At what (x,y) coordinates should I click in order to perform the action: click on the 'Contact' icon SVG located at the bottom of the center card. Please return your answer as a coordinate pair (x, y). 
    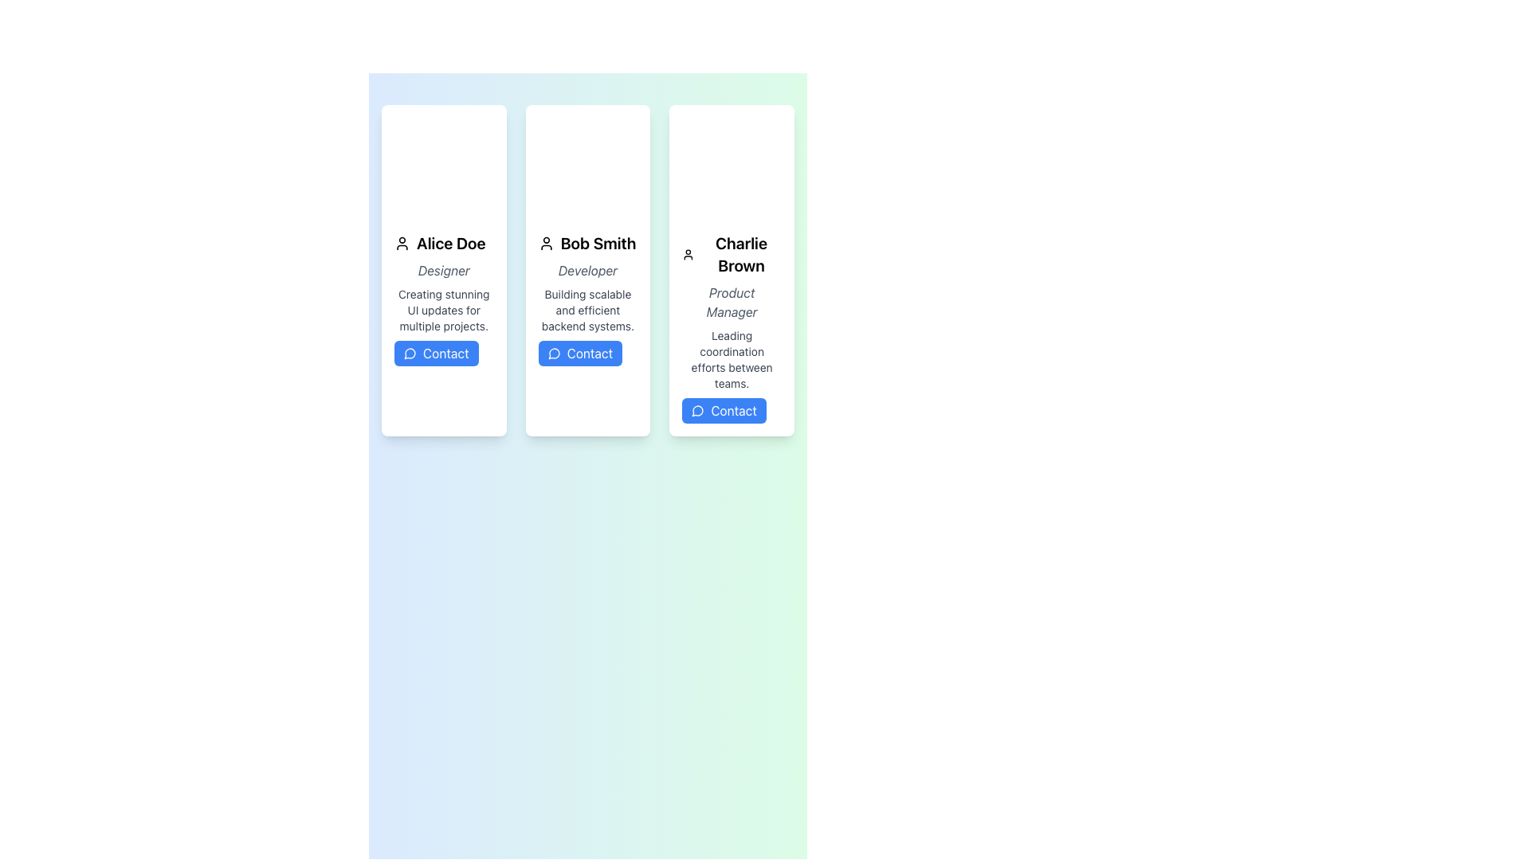
    Looking at the image, I should click on (554, 352).